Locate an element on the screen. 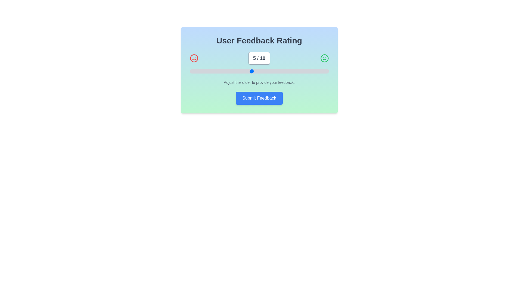 Image resolution: width=522 pixels, height=293 pixels. the smile icon in the FeedbackSlider component is located at coordinates (324, 58).